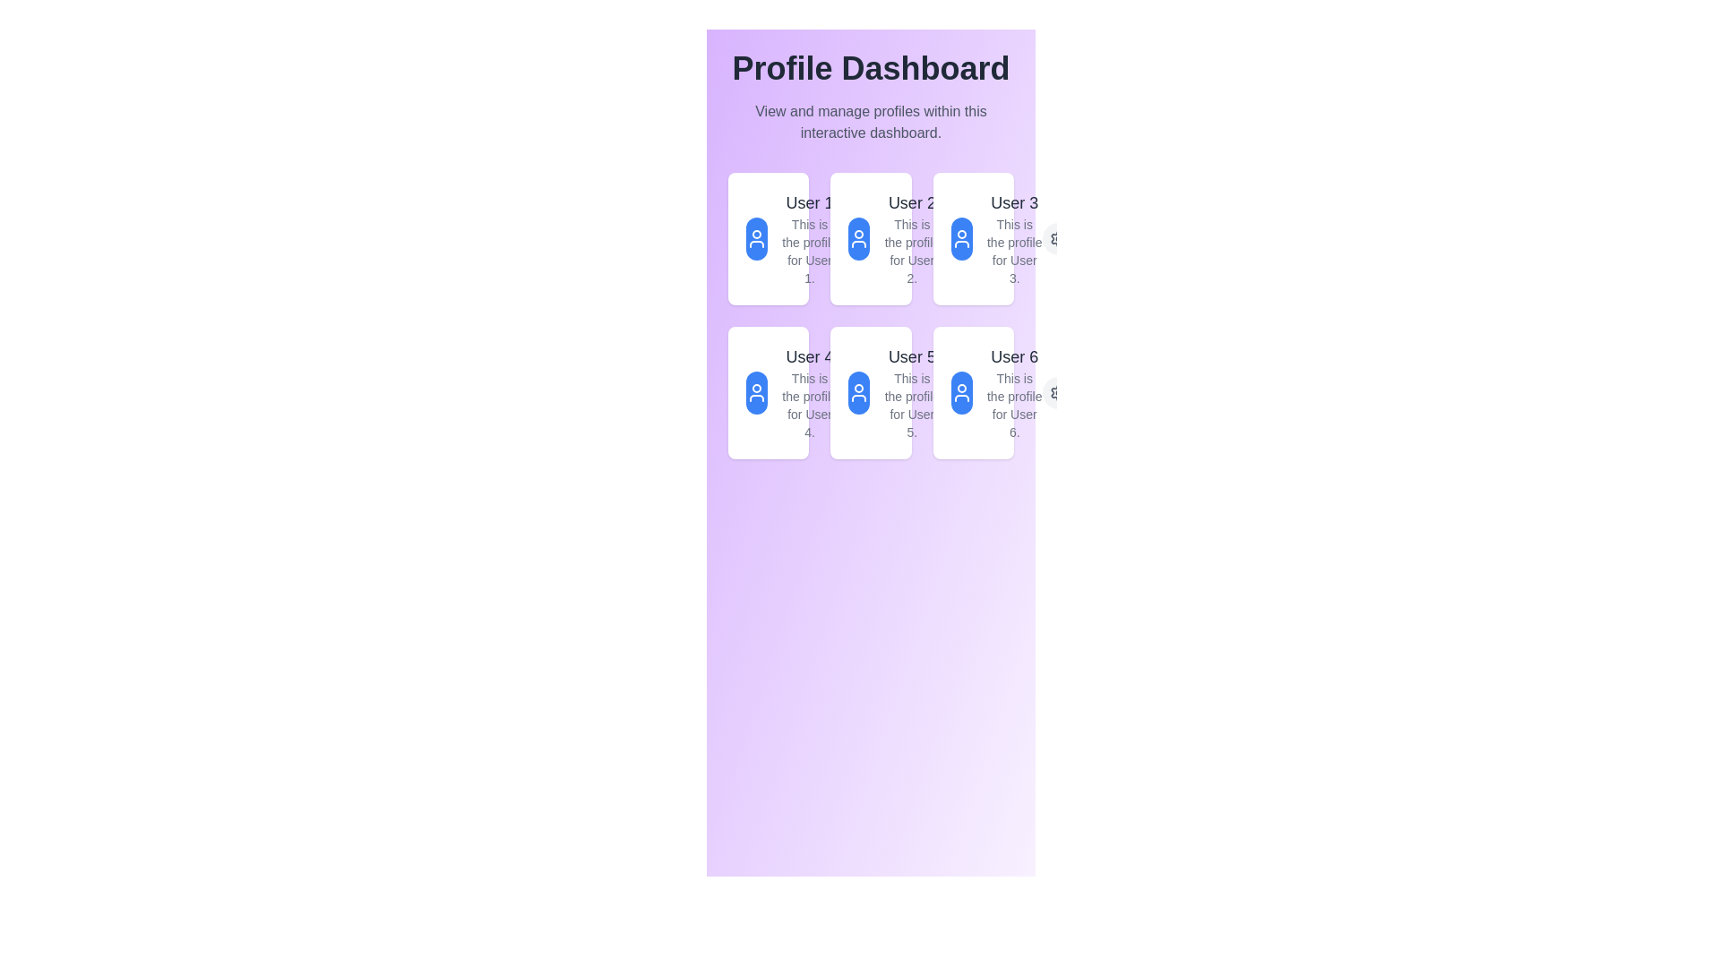 The image size is (1720, 967). What do you see at coordinates (871, 122) in the screenshot?
I see `static text that serves as a subtitle or description for the 'Profile Dashboard', which is located directly below the title in the central header section` at bounding box center [871, 122].